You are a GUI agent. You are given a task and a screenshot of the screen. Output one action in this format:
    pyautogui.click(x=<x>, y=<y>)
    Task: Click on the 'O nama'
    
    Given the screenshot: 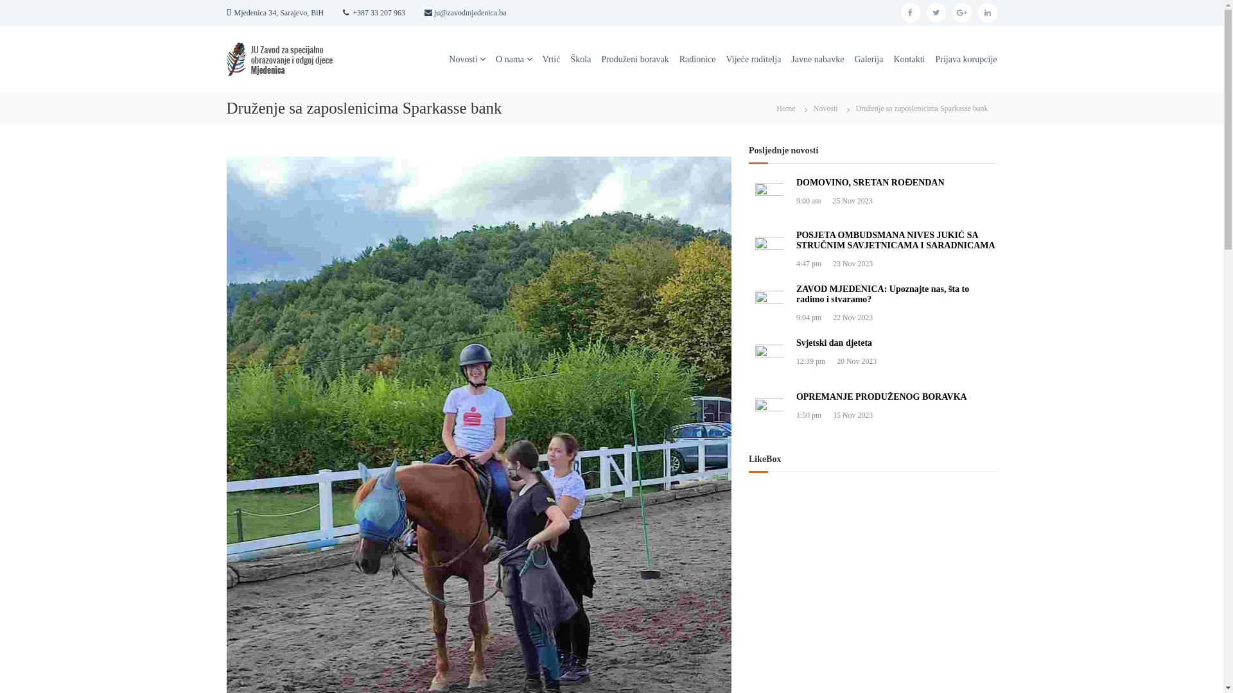 What is the action you would take?
    pyautogui.click(x=495, y=58)
    